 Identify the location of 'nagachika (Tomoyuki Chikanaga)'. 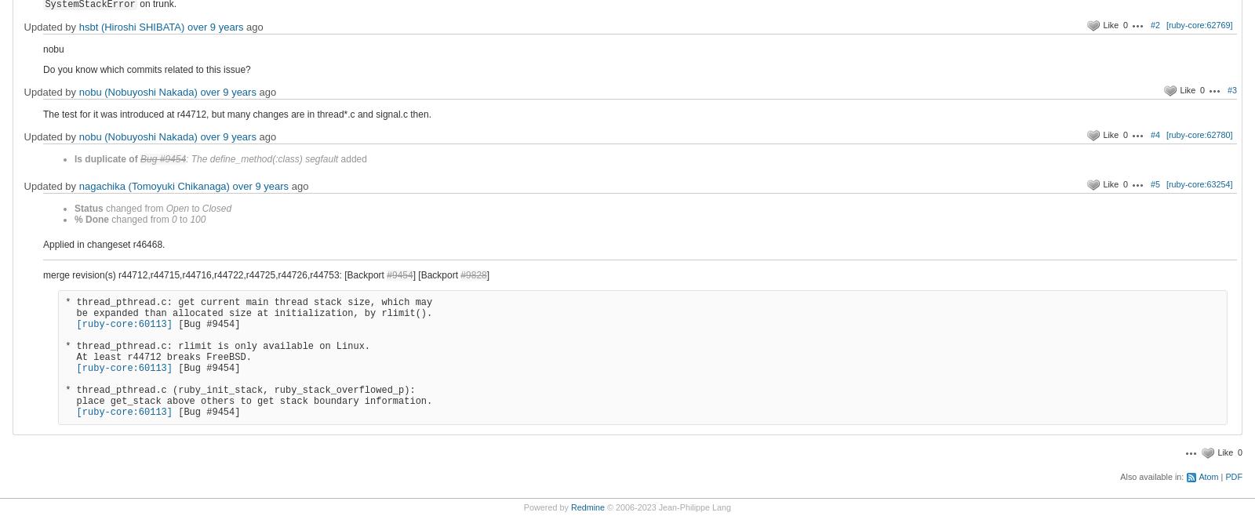
(153, 186).